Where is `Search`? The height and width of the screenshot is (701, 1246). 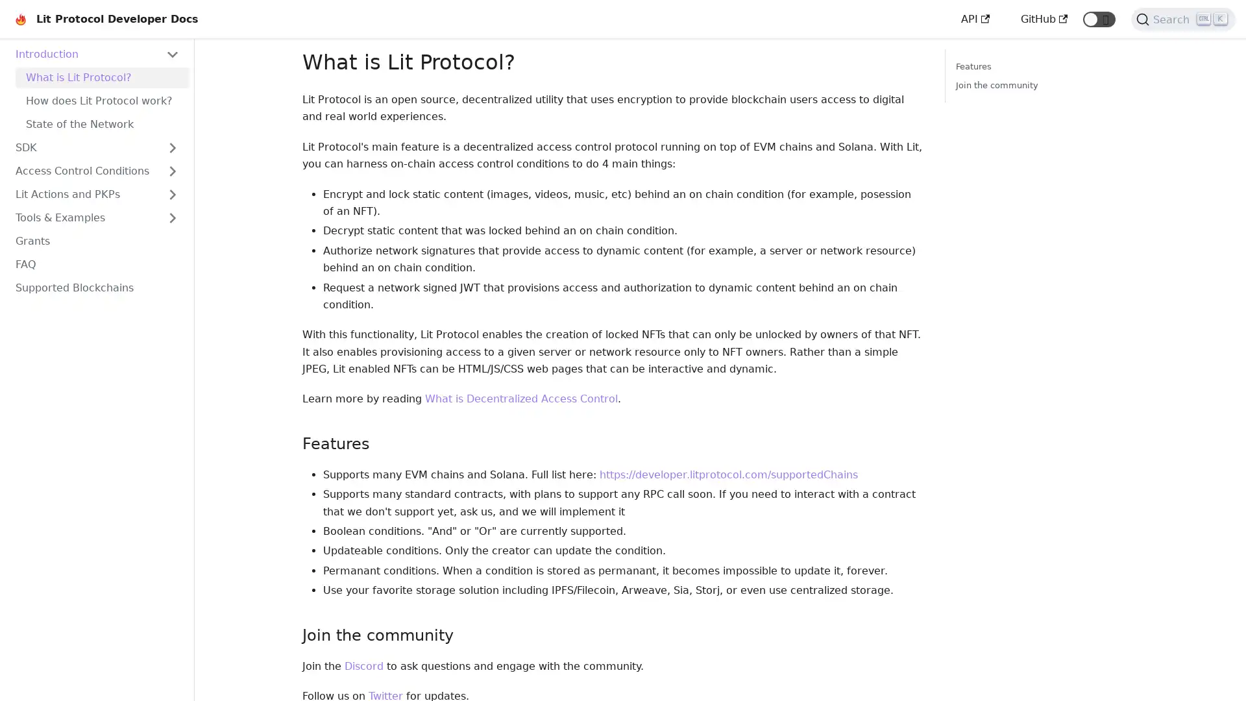 Search is located at coordinates (1183, 19).